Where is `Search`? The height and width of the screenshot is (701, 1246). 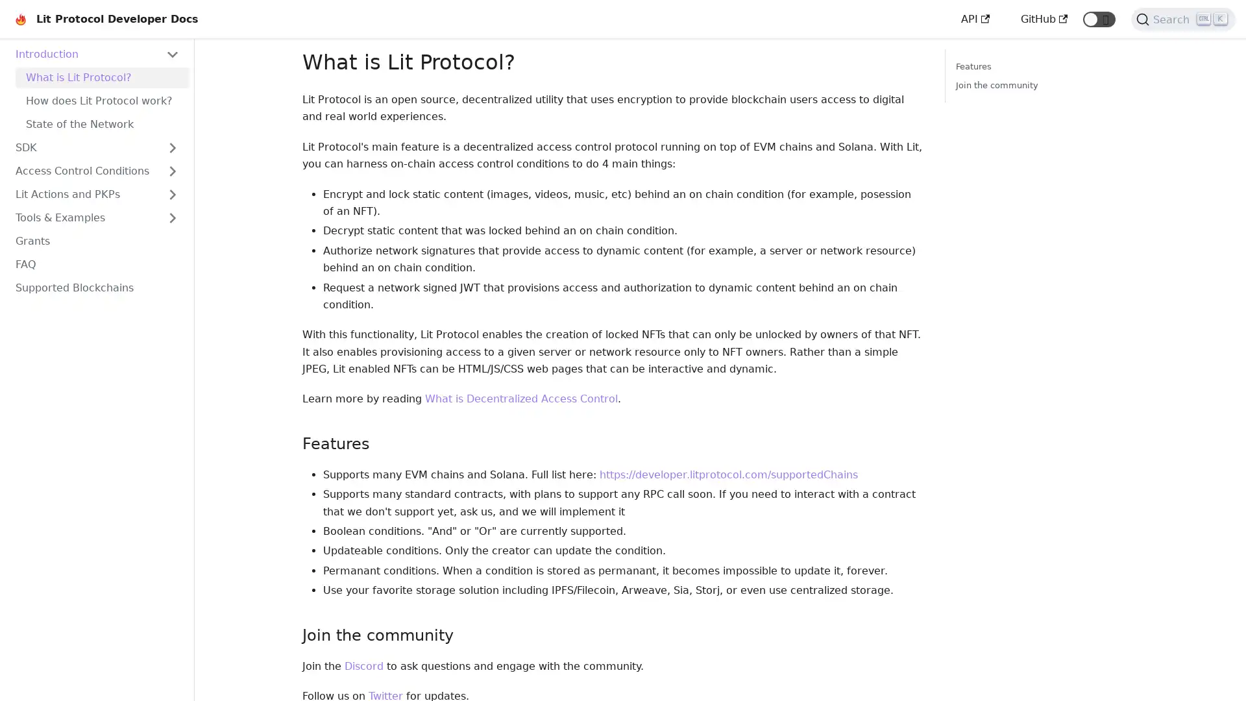 Search is located at coordinates (1183, 19).